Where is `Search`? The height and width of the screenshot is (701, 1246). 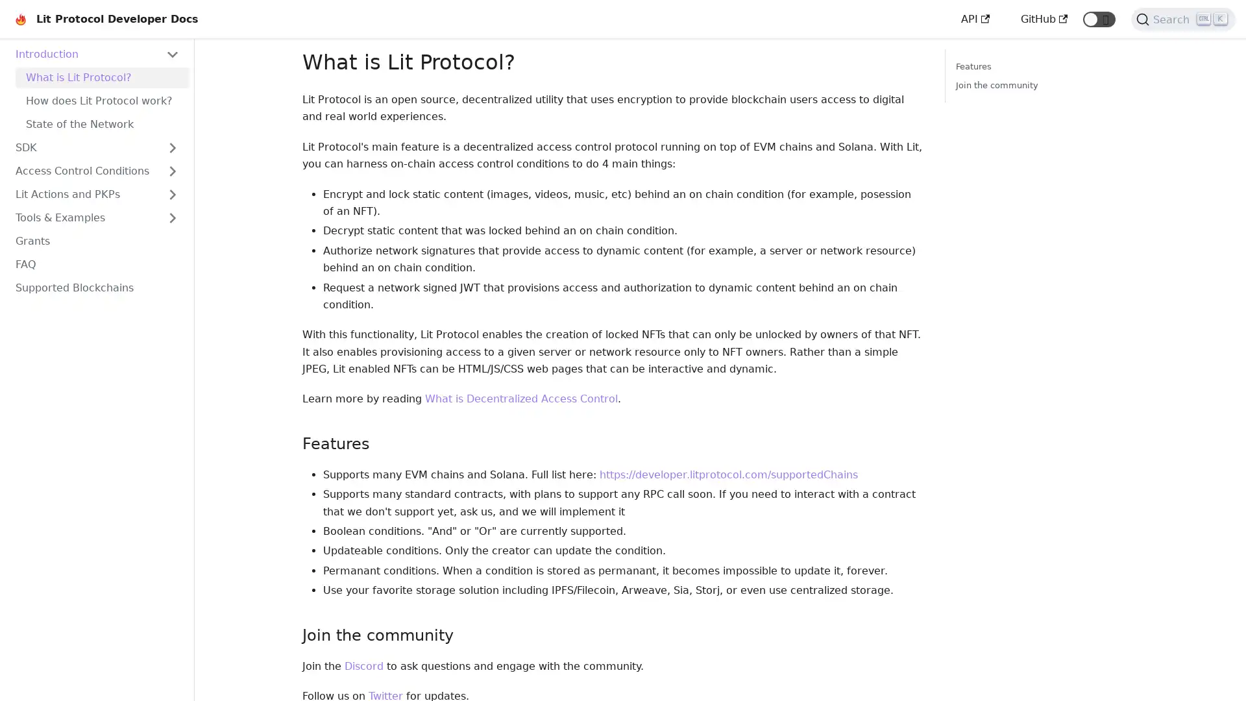 Search is located at coordinates (1183, 19).